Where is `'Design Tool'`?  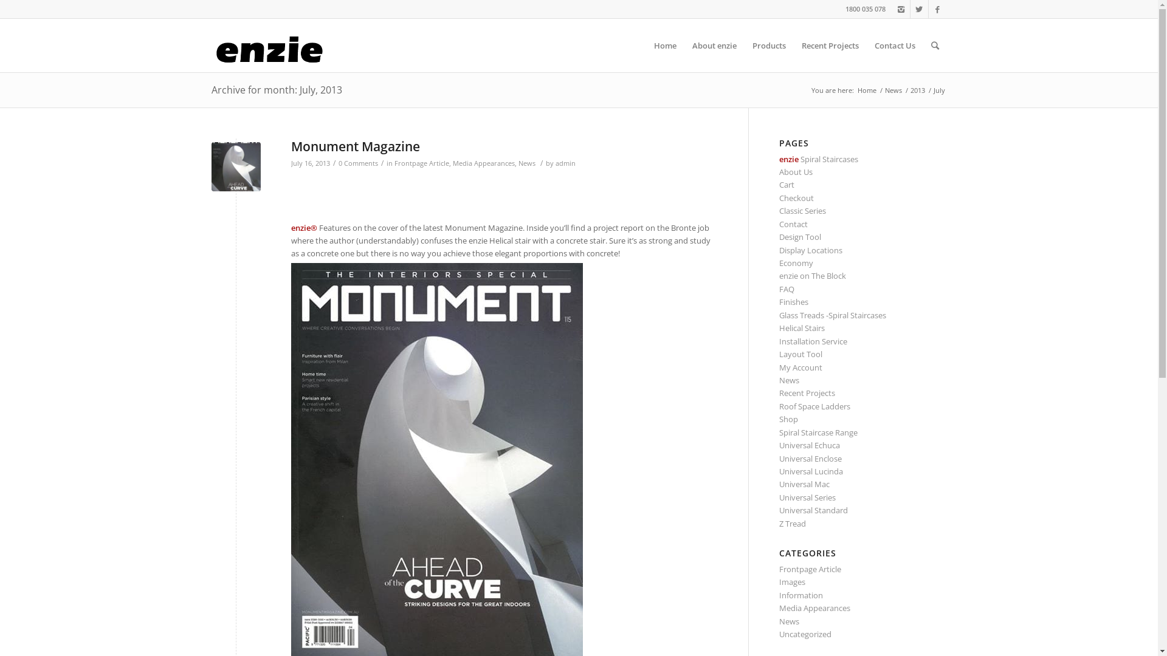
'Design Tool' is located at coordinates (800, 236).